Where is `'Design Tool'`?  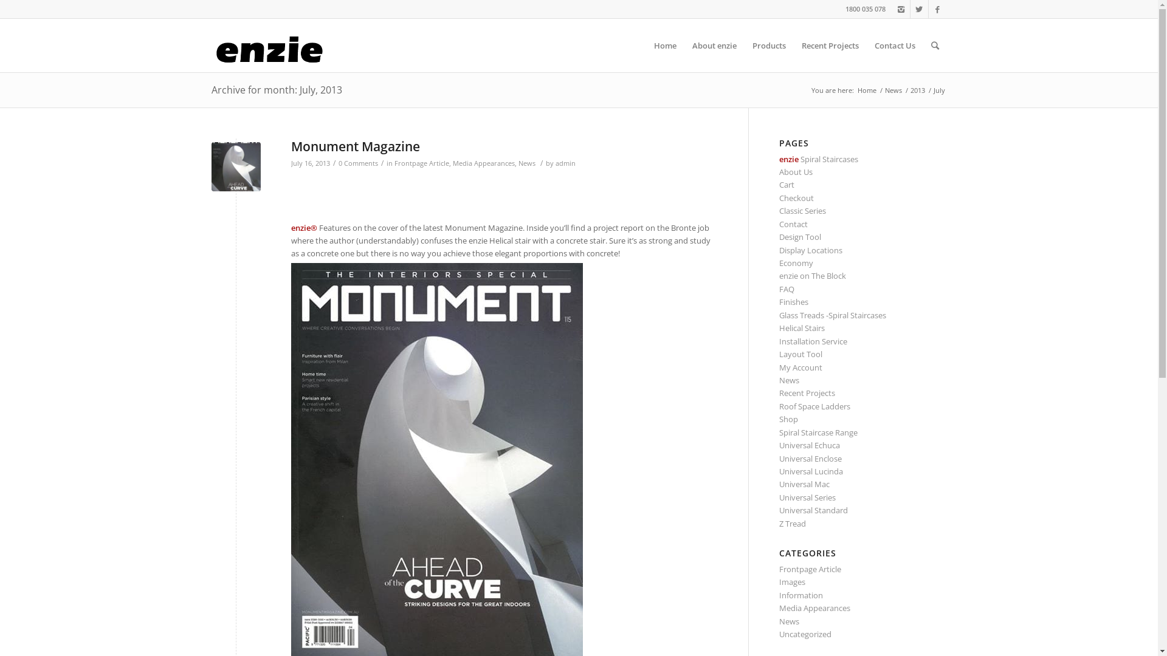
'Design Tool' is located at coordinates (800, 236).